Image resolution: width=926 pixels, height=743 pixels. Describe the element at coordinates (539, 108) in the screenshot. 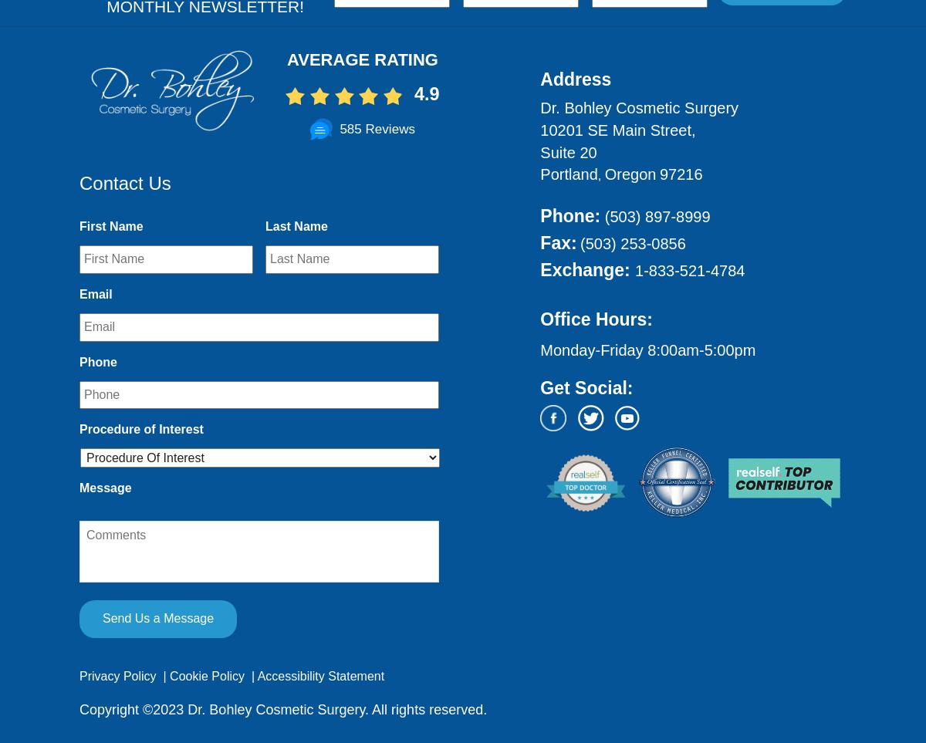

I see `'Dr. Bohley Cosmetic Surgery'` at that location.